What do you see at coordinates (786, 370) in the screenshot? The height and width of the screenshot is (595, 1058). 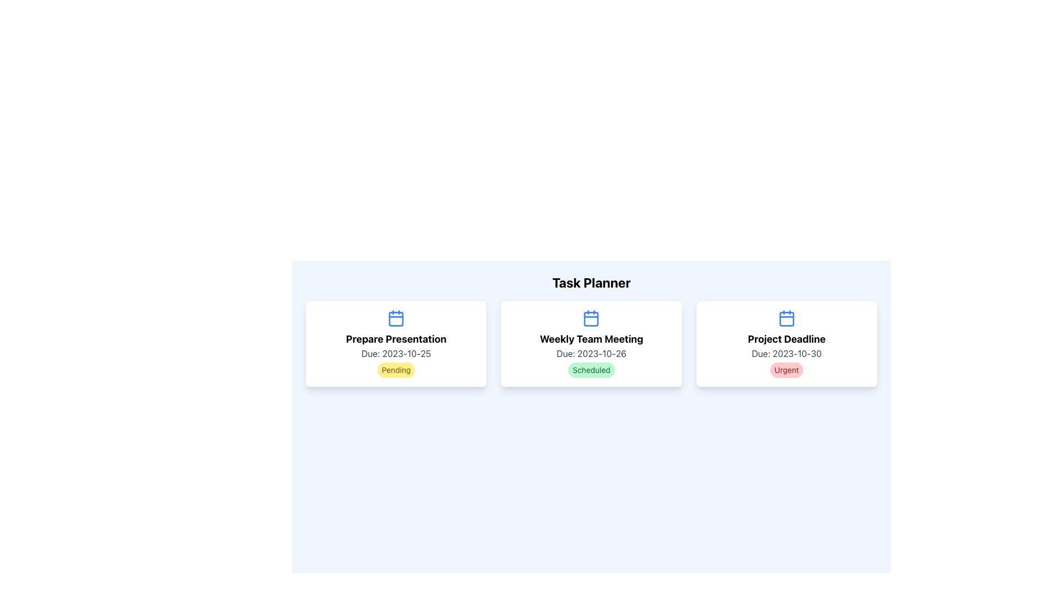 I see `the urgent status indicator badge located at the bottom of the 'Project Deadline' card in the task list` at bounding box center [786, 370].